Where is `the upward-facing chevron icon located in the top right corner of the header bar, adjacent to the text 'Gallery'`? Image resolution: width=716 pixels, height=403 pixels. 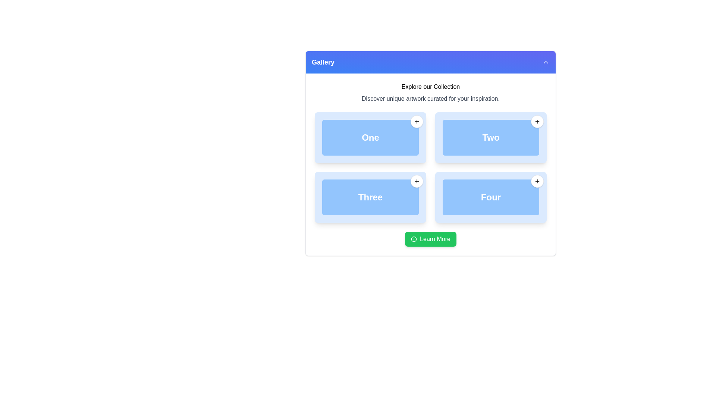
the upward-facing chevron icon located in the top right corner of the header bar, adjacent to the text 'Gallery' is located at coordinates (546, 62).